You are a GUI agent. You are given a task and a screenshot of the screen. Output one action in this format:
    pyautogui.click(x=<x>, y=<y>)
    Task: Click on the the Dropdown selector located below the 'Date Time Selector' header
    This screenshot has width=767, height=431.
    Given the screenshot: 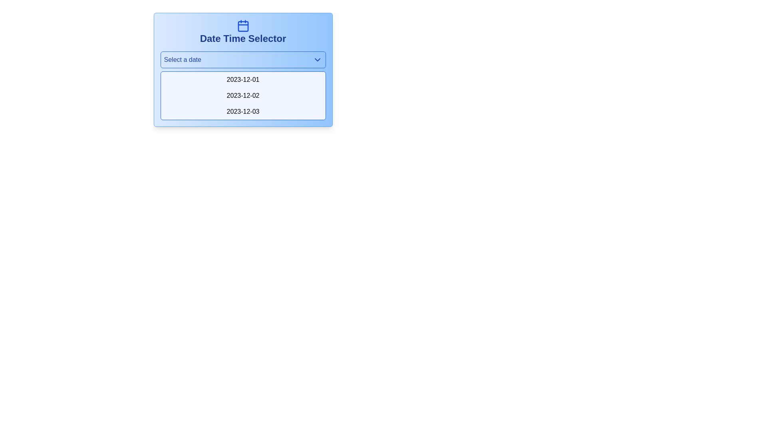 What is the action you would take?
    pyautogui.click(x=242, y=69)
    